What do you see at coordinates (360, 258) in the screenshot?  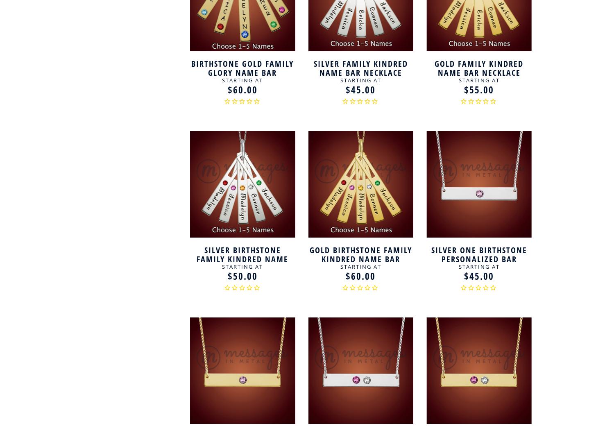 I see `'Gold Birthstone Family Kindred Name Bar Necklace'` at bounding box center [360, 258].